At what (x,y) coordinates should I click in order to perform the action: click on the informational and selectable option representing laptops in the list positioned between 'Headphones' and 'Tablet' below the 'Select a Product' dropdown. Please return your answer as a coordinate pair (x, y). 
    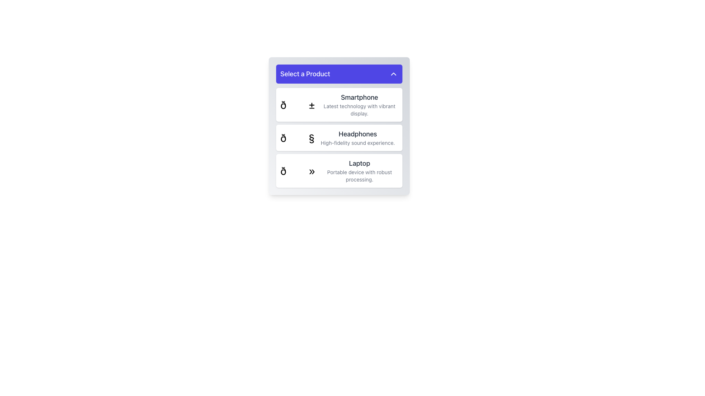
    Looking at the image, I should click on (359, 171).